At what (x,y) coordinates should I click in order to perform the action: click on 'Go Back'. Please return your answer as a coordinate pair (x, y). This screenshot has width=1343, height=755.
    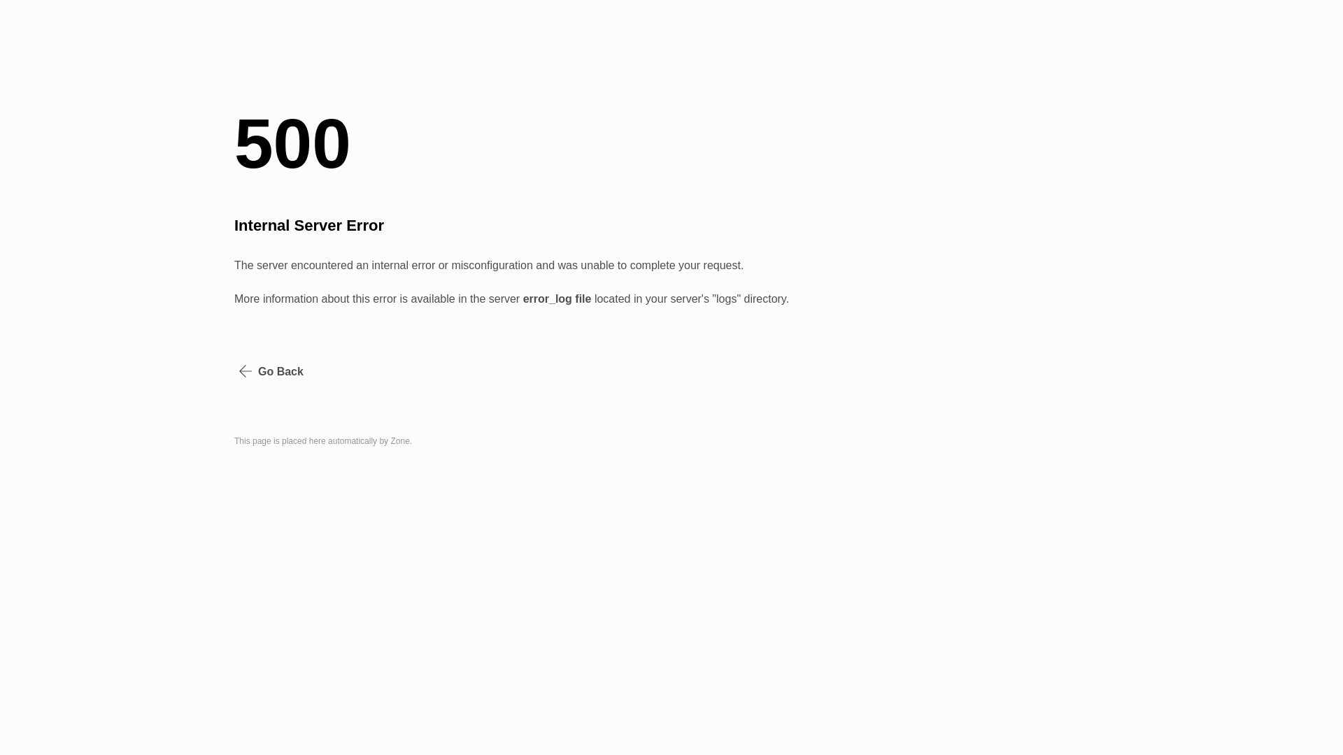
    Looking at the image, I should click on (234, 371).